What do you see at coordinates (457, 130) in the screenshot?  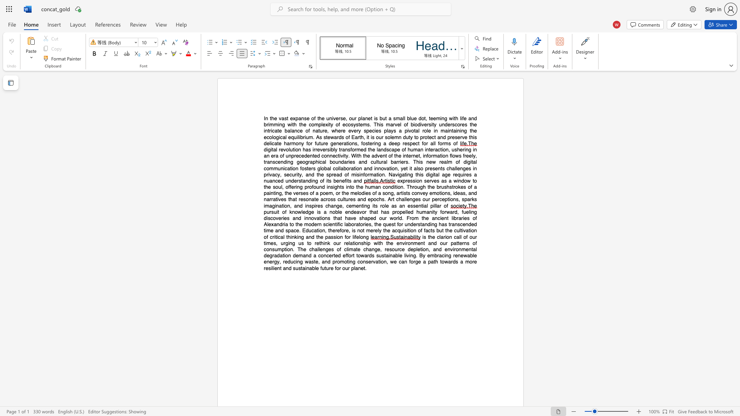 I see `the subset text "nin" within the text "maintaining"` at bounding box center [457, 130].